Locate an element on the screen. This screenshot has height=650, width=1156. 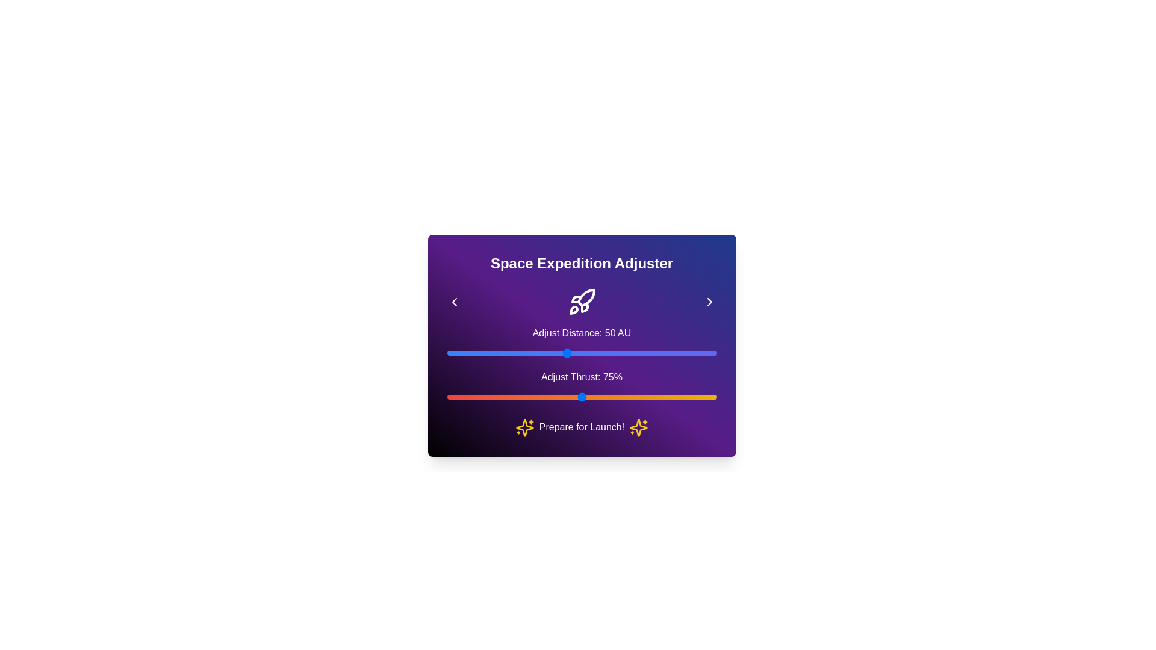
left chevron icon to adjust the distance is located at coordinates (453, 301).